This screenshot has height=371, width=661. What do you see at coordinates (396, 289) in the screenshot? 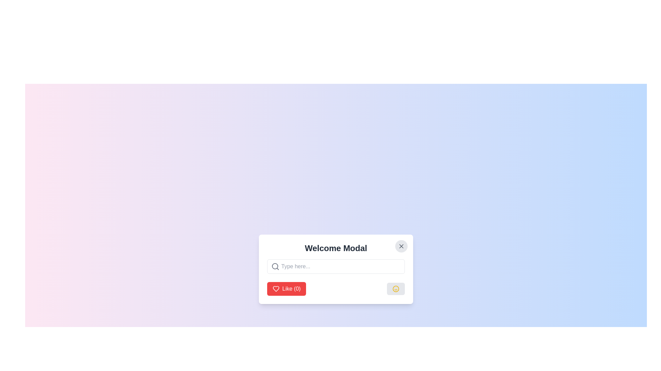
I see `the icon located in the bottom-right corner of the modal, adjacent to the 'Like(0)' button` at bounding box center [396, 289].